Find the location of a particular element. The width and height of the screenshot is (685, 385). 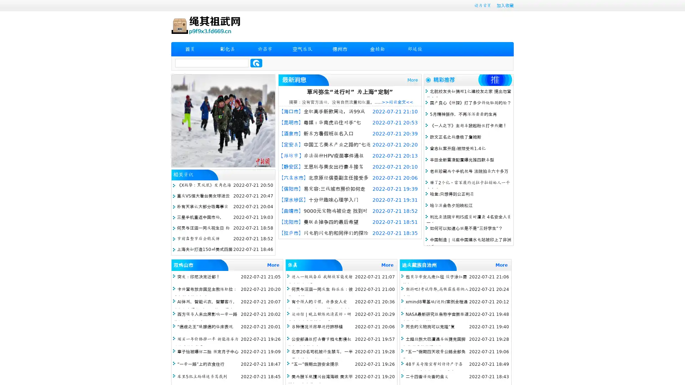

Search is located at coordinates (256, 63).